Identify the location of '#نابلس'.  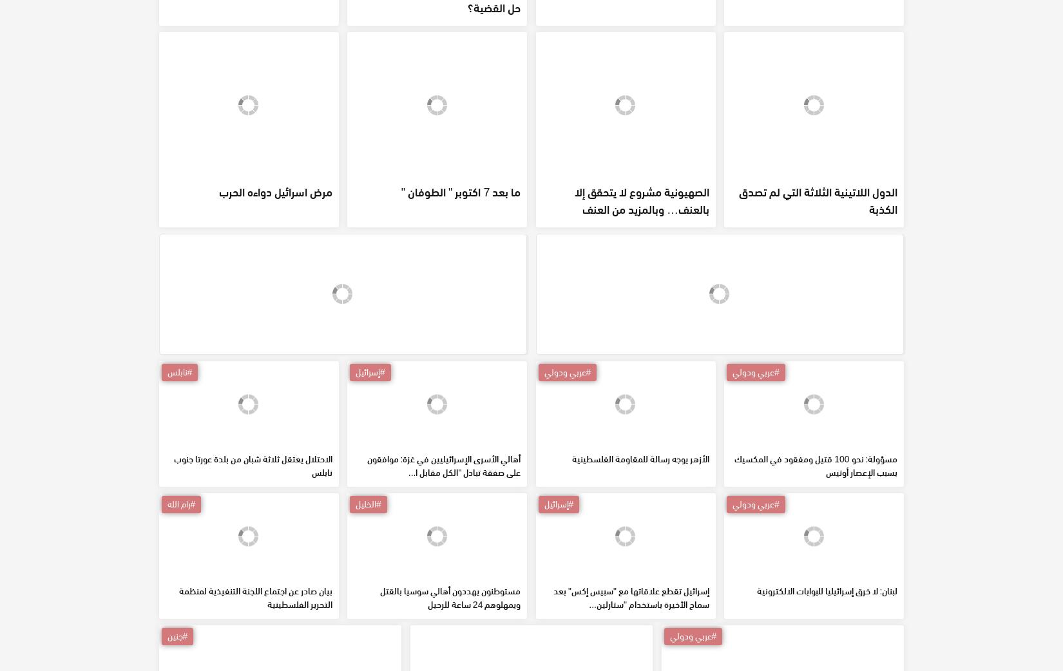
(179, 464).